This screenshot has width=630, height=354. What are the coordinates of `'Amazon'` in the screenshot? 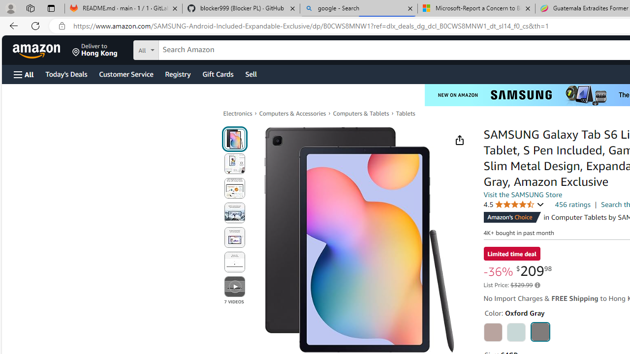 It's located at (37, 50).